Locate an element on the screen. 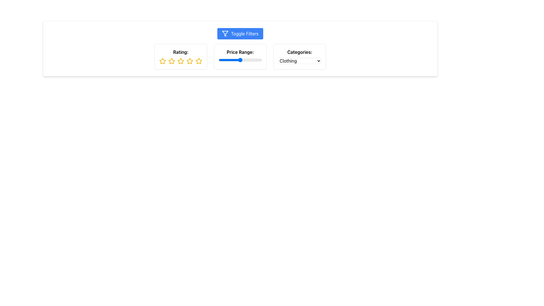  the price range slider is located at coordinates (243, 60).